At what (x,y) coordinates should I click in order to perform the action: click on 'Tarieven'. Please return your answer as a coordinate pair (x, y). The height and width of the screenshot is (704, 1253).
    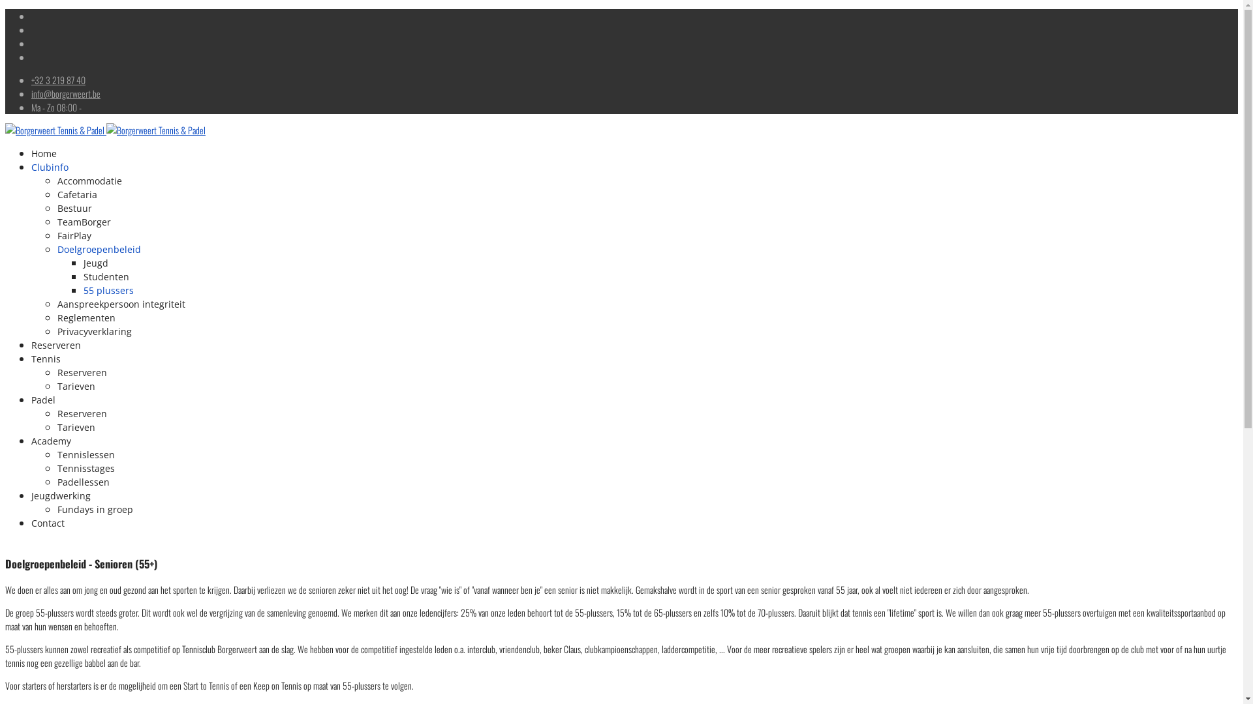
    Looking at the image, I should click on (75, 385).